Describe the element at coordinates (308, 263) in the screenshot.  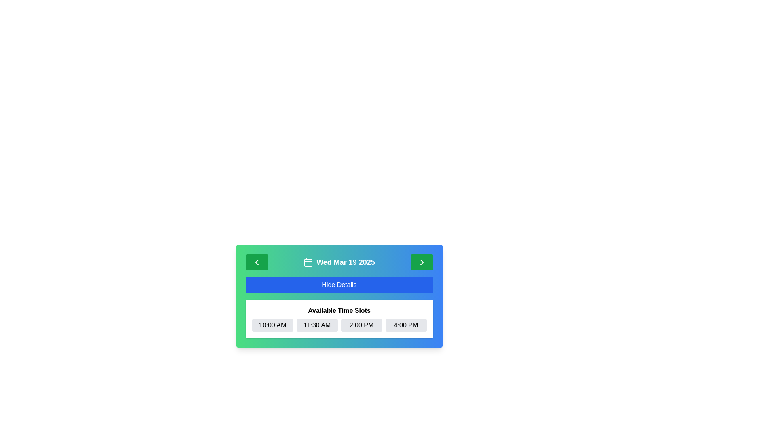
I see `the rectangular Icon component of the calendar located near the center top of the interface, between two arrow buttons` at that location.